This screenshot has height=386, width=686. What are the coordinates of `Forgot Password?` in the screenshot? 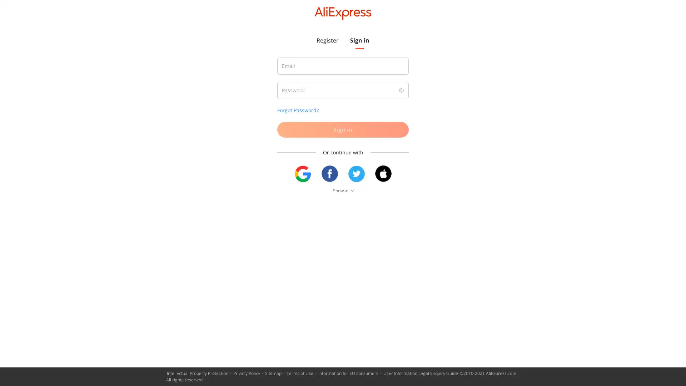 It's located at (298, 110).